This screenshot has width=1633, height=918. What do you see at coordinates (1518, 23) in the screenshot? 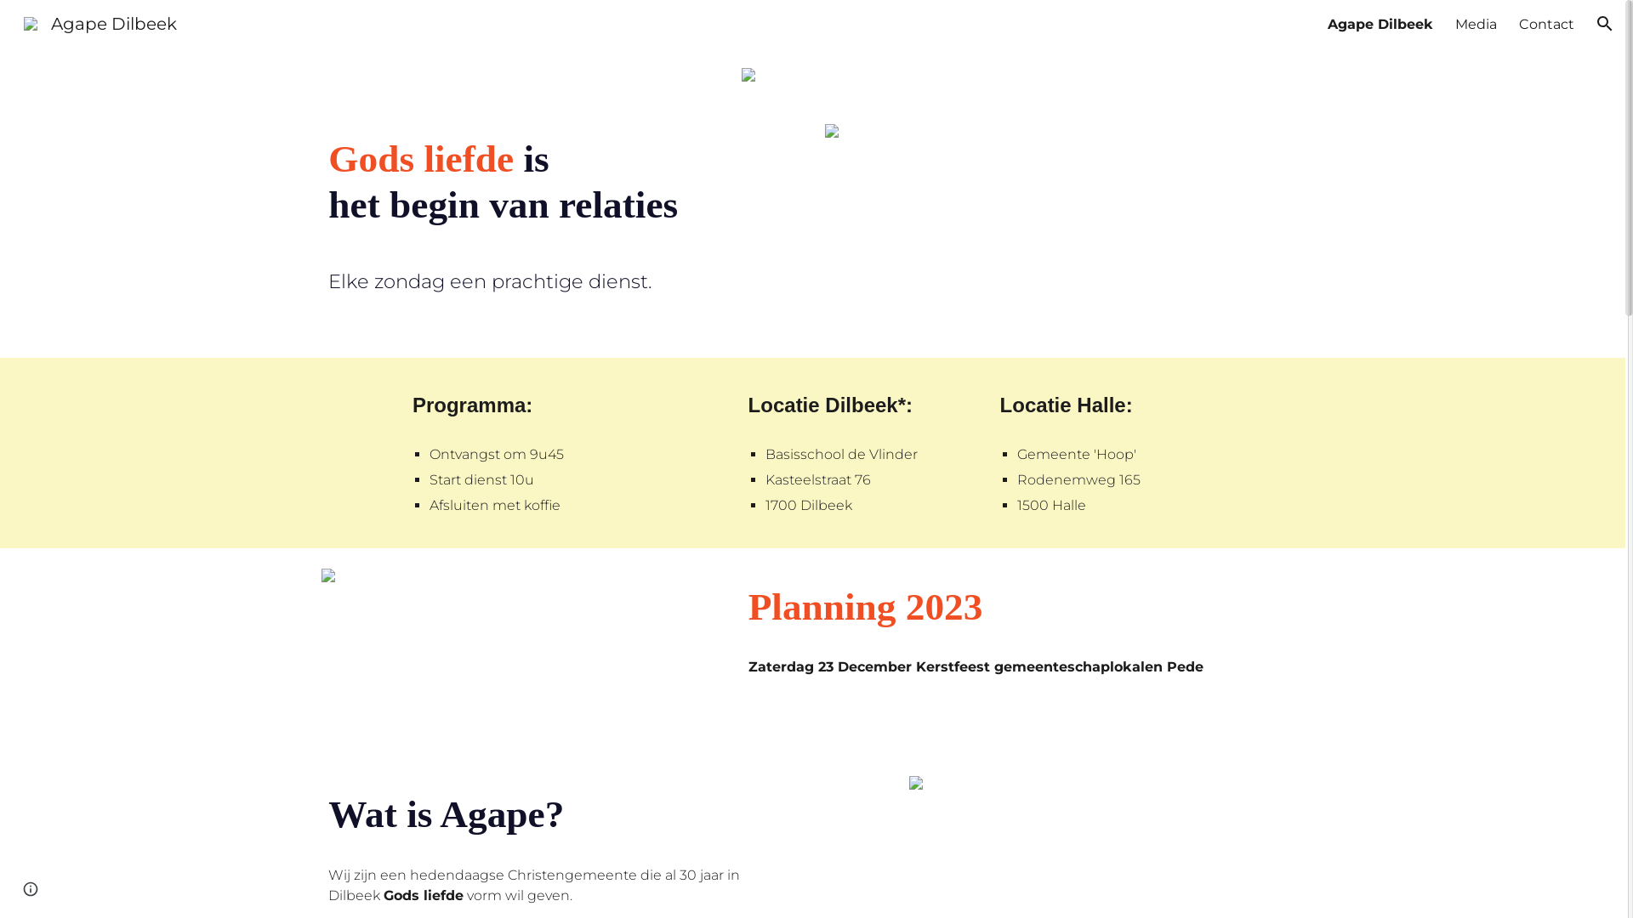
I see `'Contact'` at bounding box center [1518, 23].